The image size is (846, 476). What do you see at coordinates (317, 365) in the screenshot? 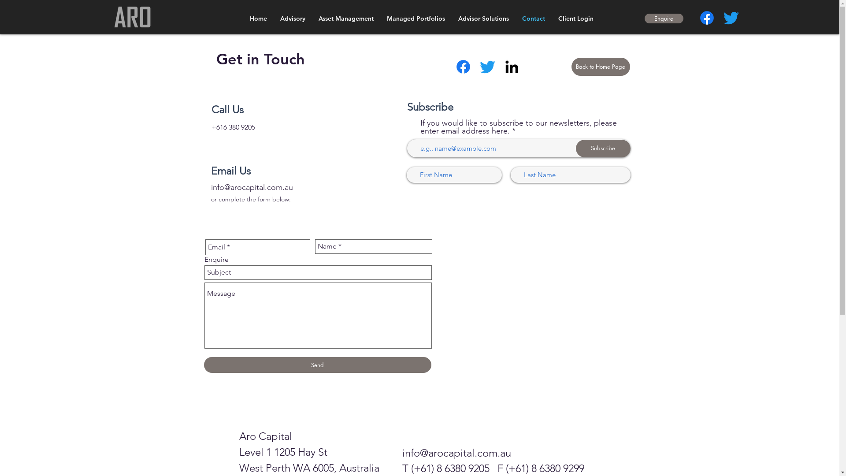
I see `'Send'` at bounding box center [317, 365].